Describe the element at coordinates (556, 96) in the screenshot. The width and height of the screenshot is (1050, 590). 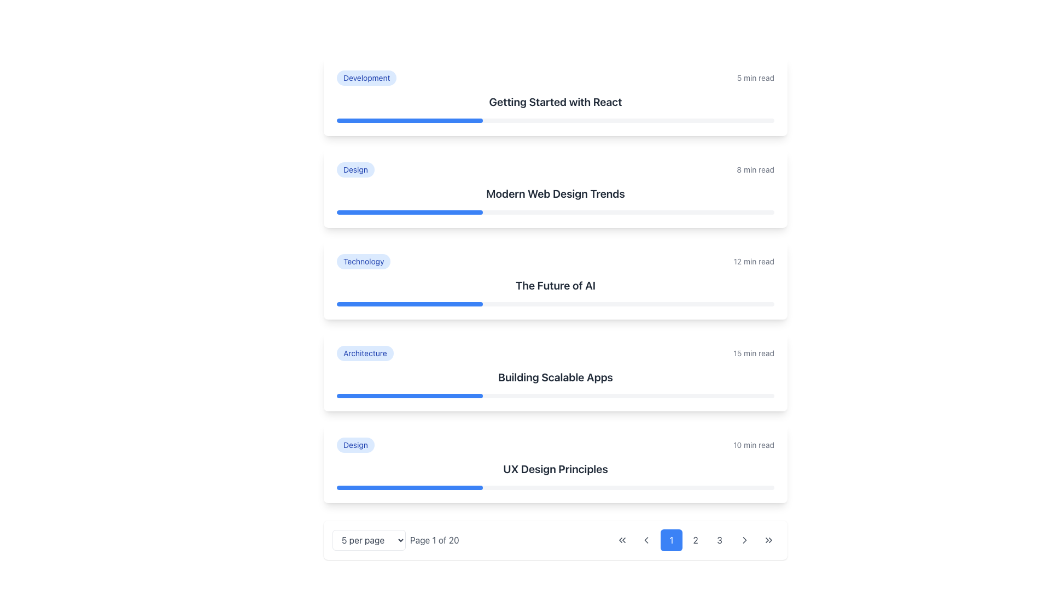
I see `information displayed on the informational card titled 'Getting Started with React', which contains a blue 'Development' tag, a gray '5 min read' text, and a progress bar at the bottom` at that location.